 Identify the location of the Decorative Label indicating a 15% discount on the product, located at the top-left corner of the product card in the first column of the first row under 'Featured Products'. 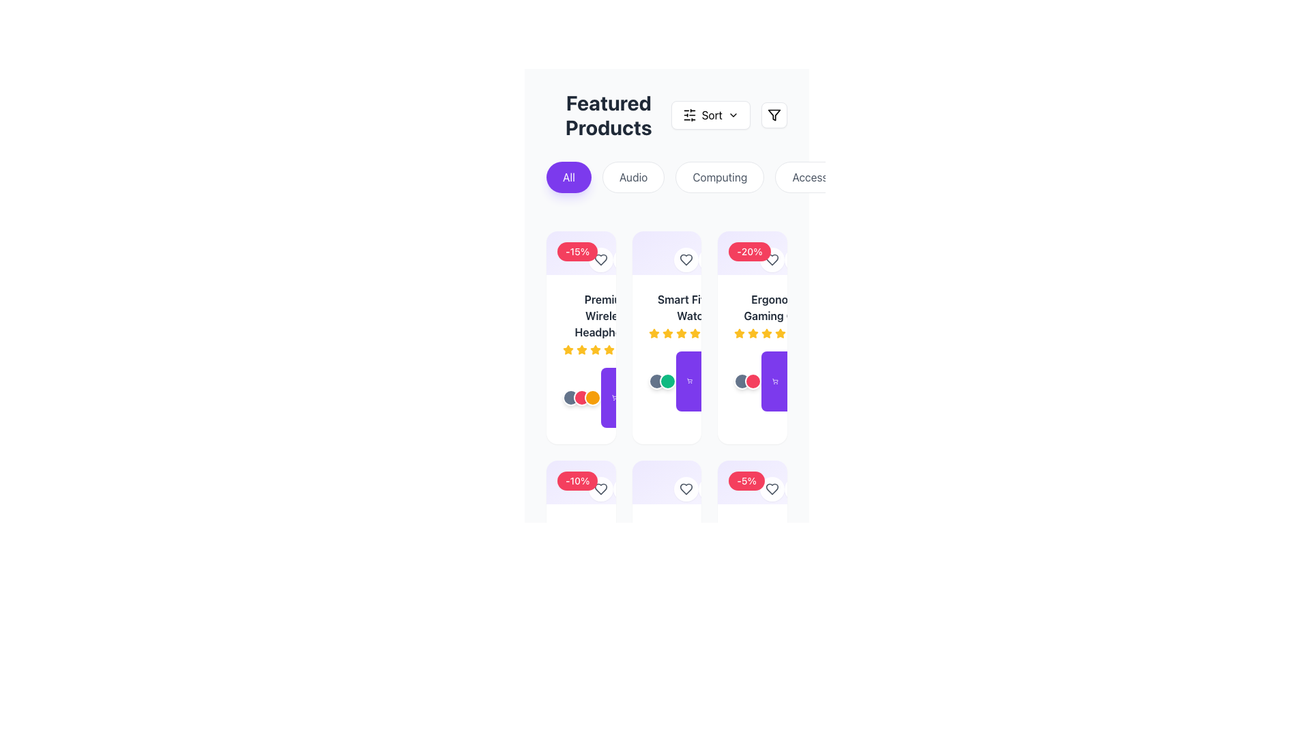
(580, 257).